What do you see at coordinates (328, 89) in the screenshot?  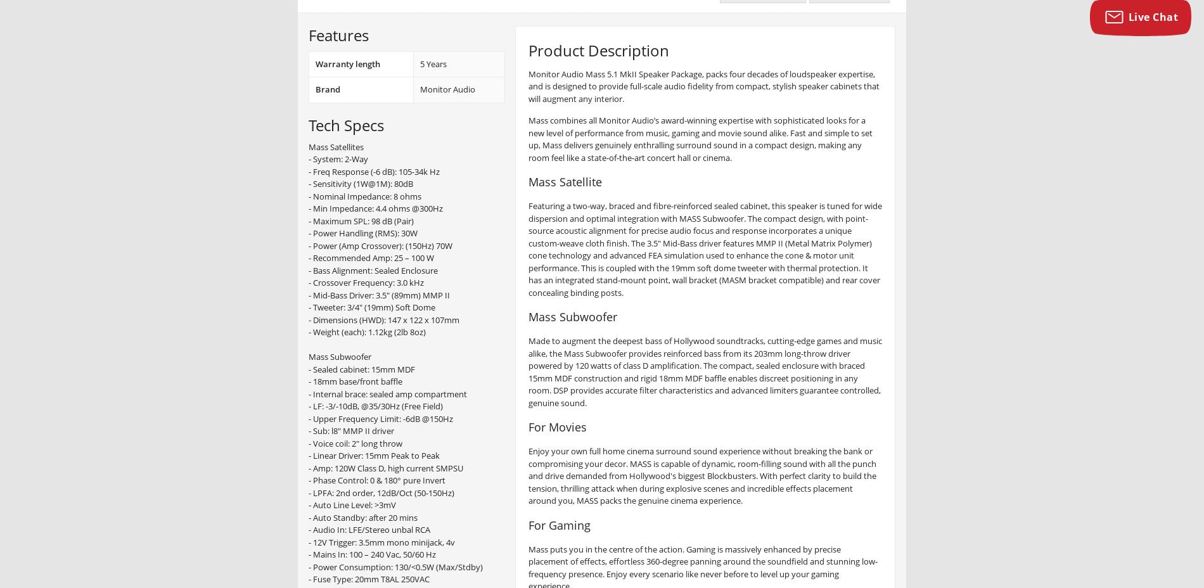 I see `'Brand'` at bounding box center [328, 89].